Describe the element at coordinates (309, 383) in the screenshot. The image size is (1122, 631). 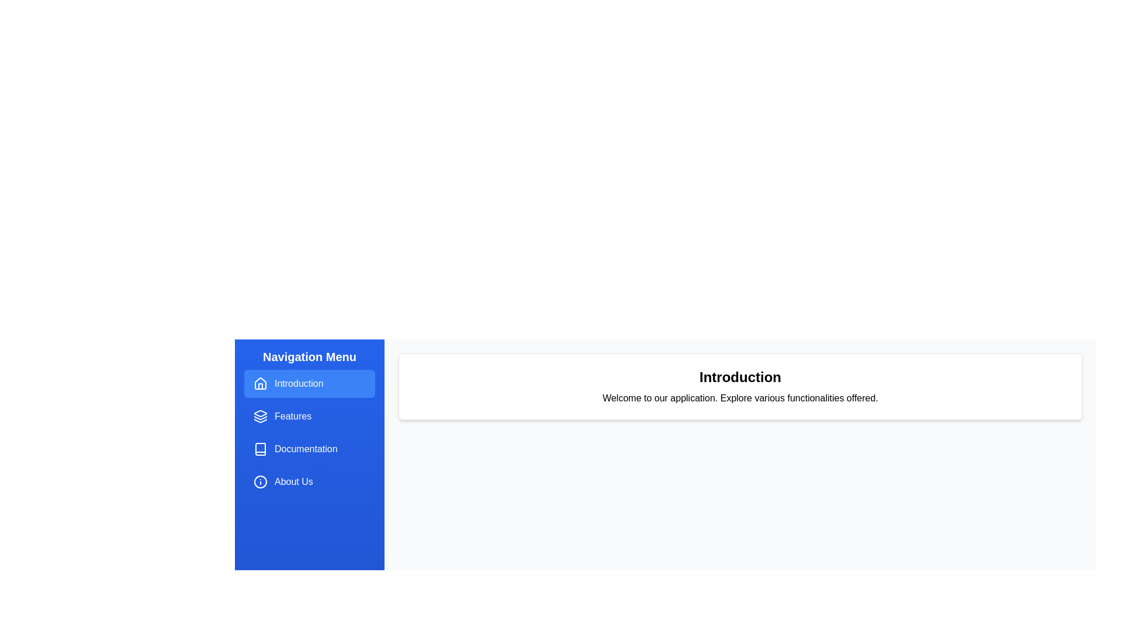
I see `the blue rectangular button with rounded corners containing a house icon and the text 'Introduction'` at that location.